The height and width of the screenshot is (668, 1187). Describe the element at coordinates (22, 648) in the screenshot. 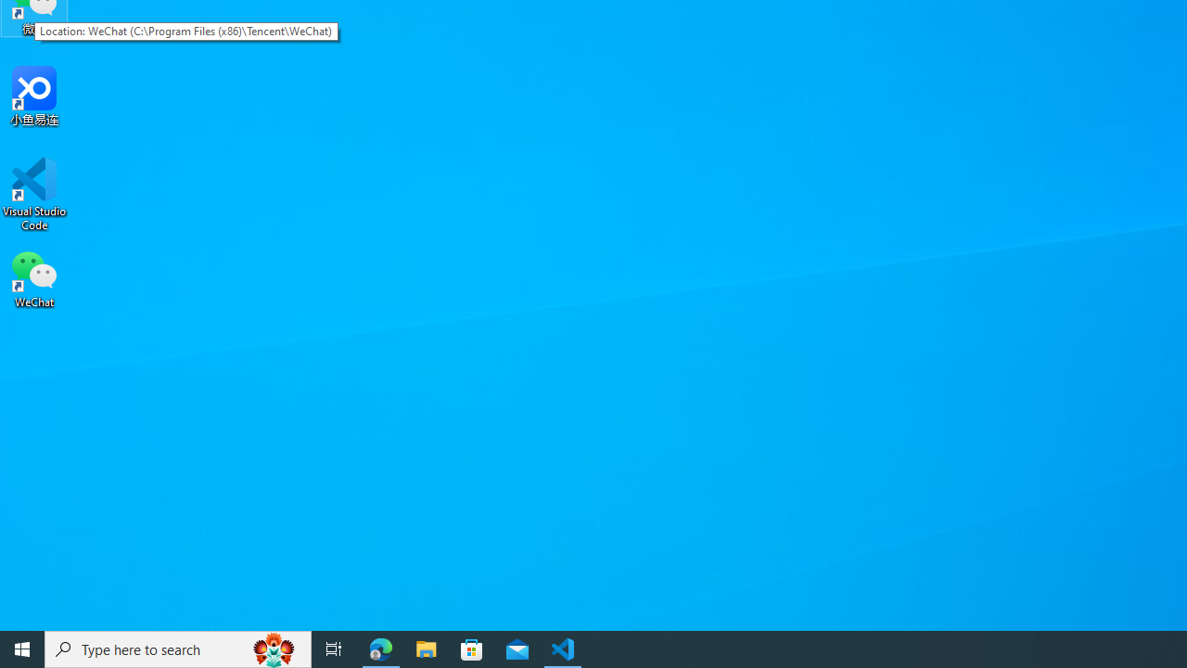

I see `'Start'` at that location.